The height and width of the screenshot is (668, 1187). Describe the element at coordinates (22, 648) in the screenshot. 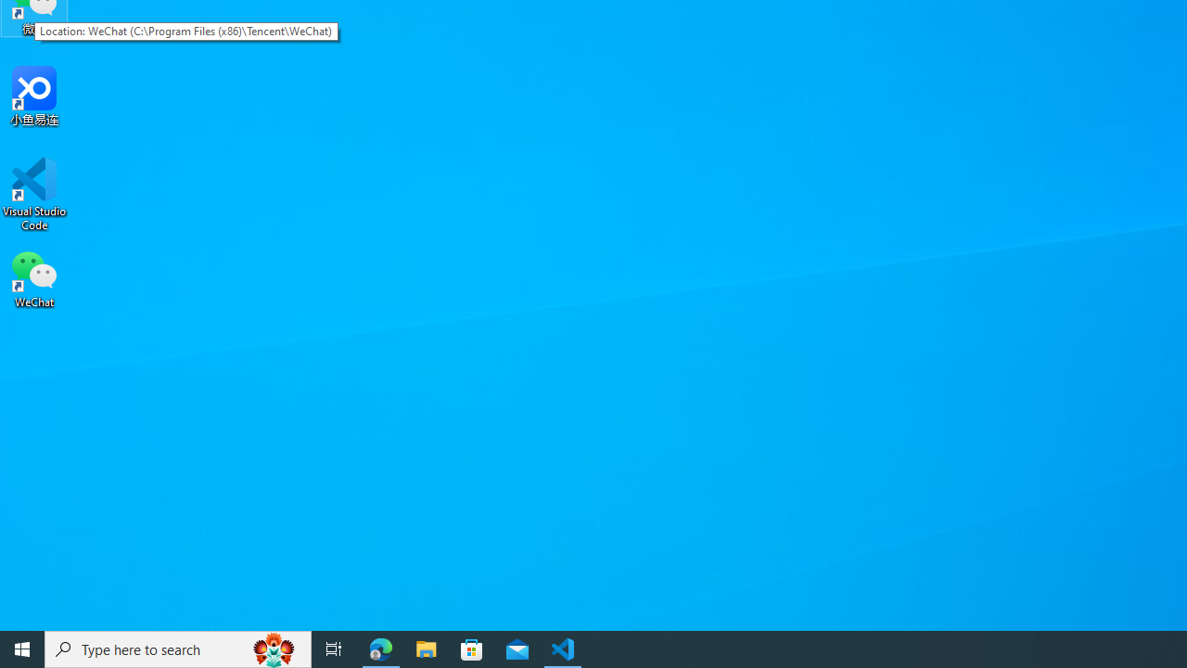

I see `'Start'` at that location.